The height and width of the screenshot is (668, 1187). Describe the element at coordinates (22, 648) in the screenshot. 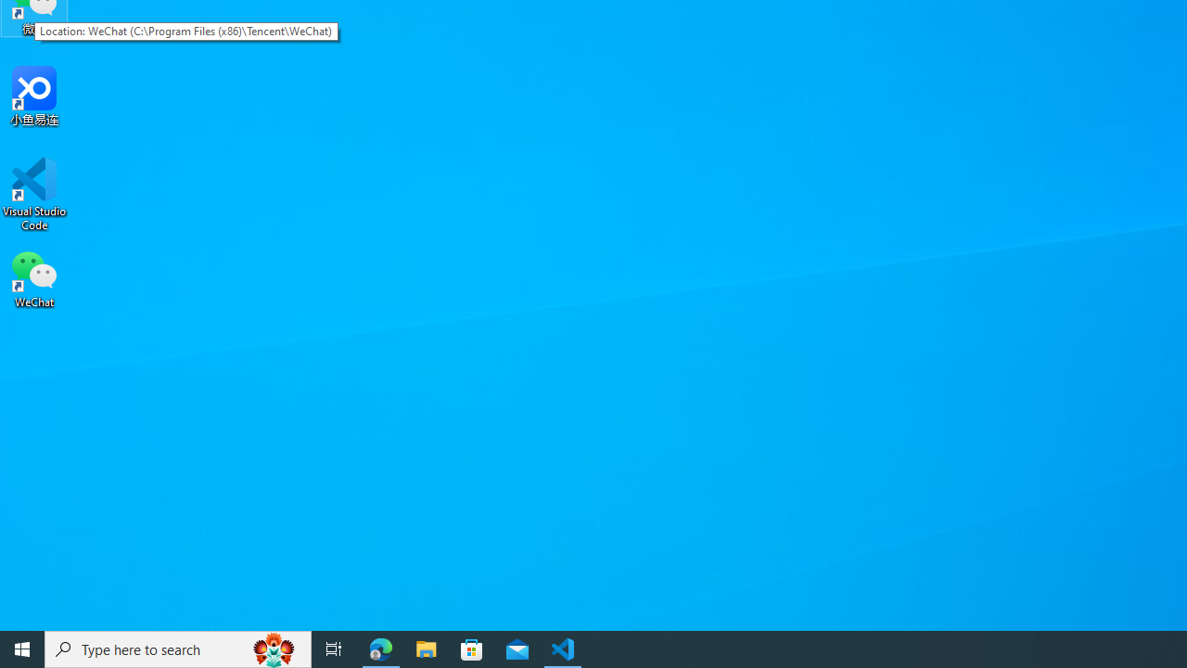

I see `'Start'` at that location.